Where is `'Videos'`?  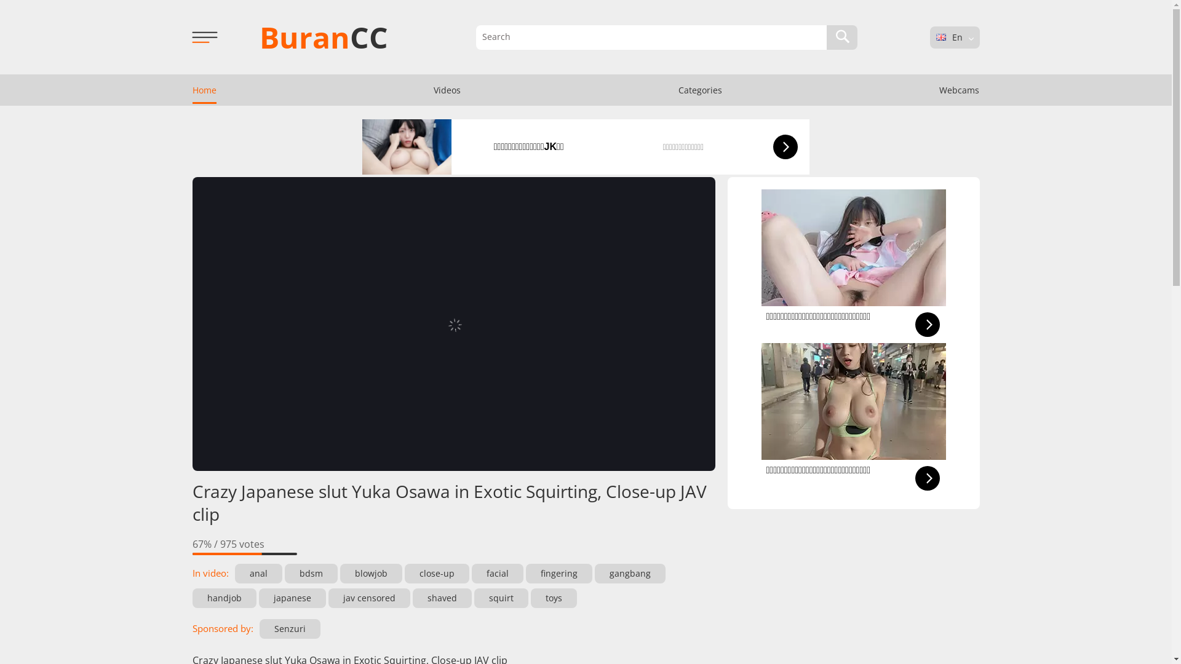
'Videos' is located at coordinates (446, 89).